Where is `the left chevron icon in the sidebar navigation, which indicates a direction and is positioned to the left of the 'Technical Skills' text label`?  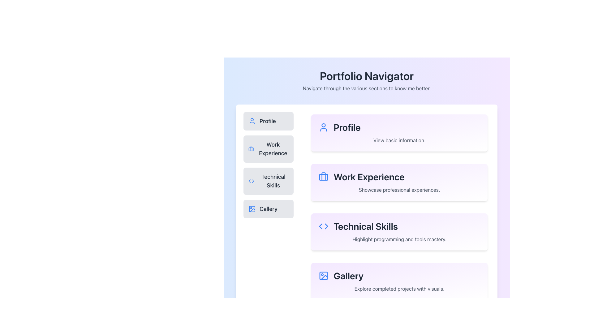 the left chevron icon in the sidebar navigation, which indicates a direction and is positioned to the left of the 'Technical Skills' text label is located at coordinates (249, 181).